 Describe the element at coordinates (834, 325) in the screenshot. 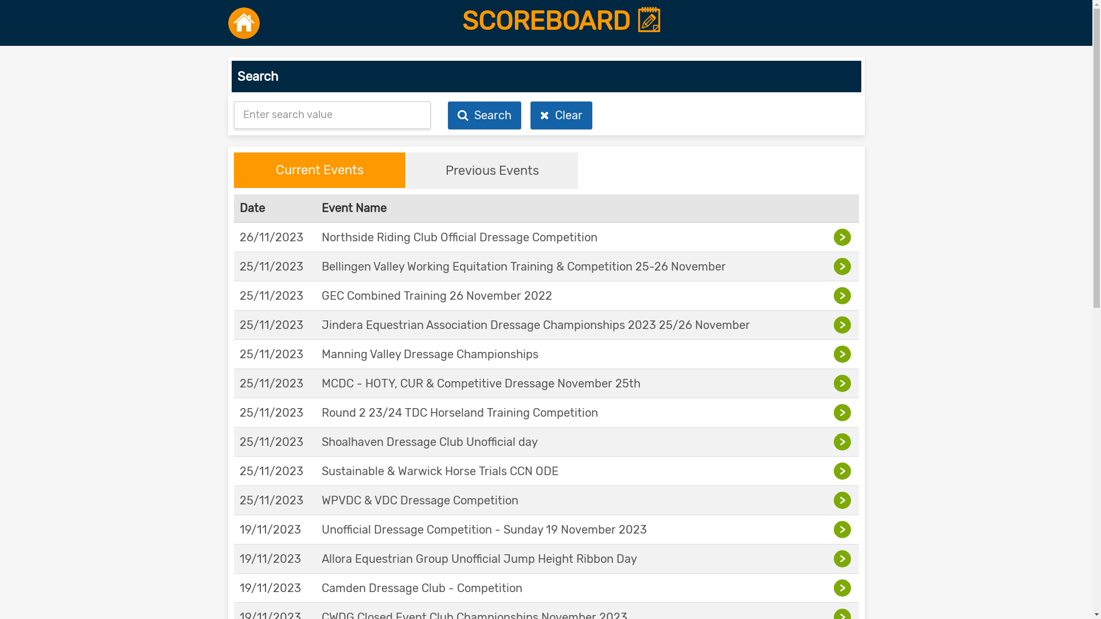

I see `'>'` at that location.